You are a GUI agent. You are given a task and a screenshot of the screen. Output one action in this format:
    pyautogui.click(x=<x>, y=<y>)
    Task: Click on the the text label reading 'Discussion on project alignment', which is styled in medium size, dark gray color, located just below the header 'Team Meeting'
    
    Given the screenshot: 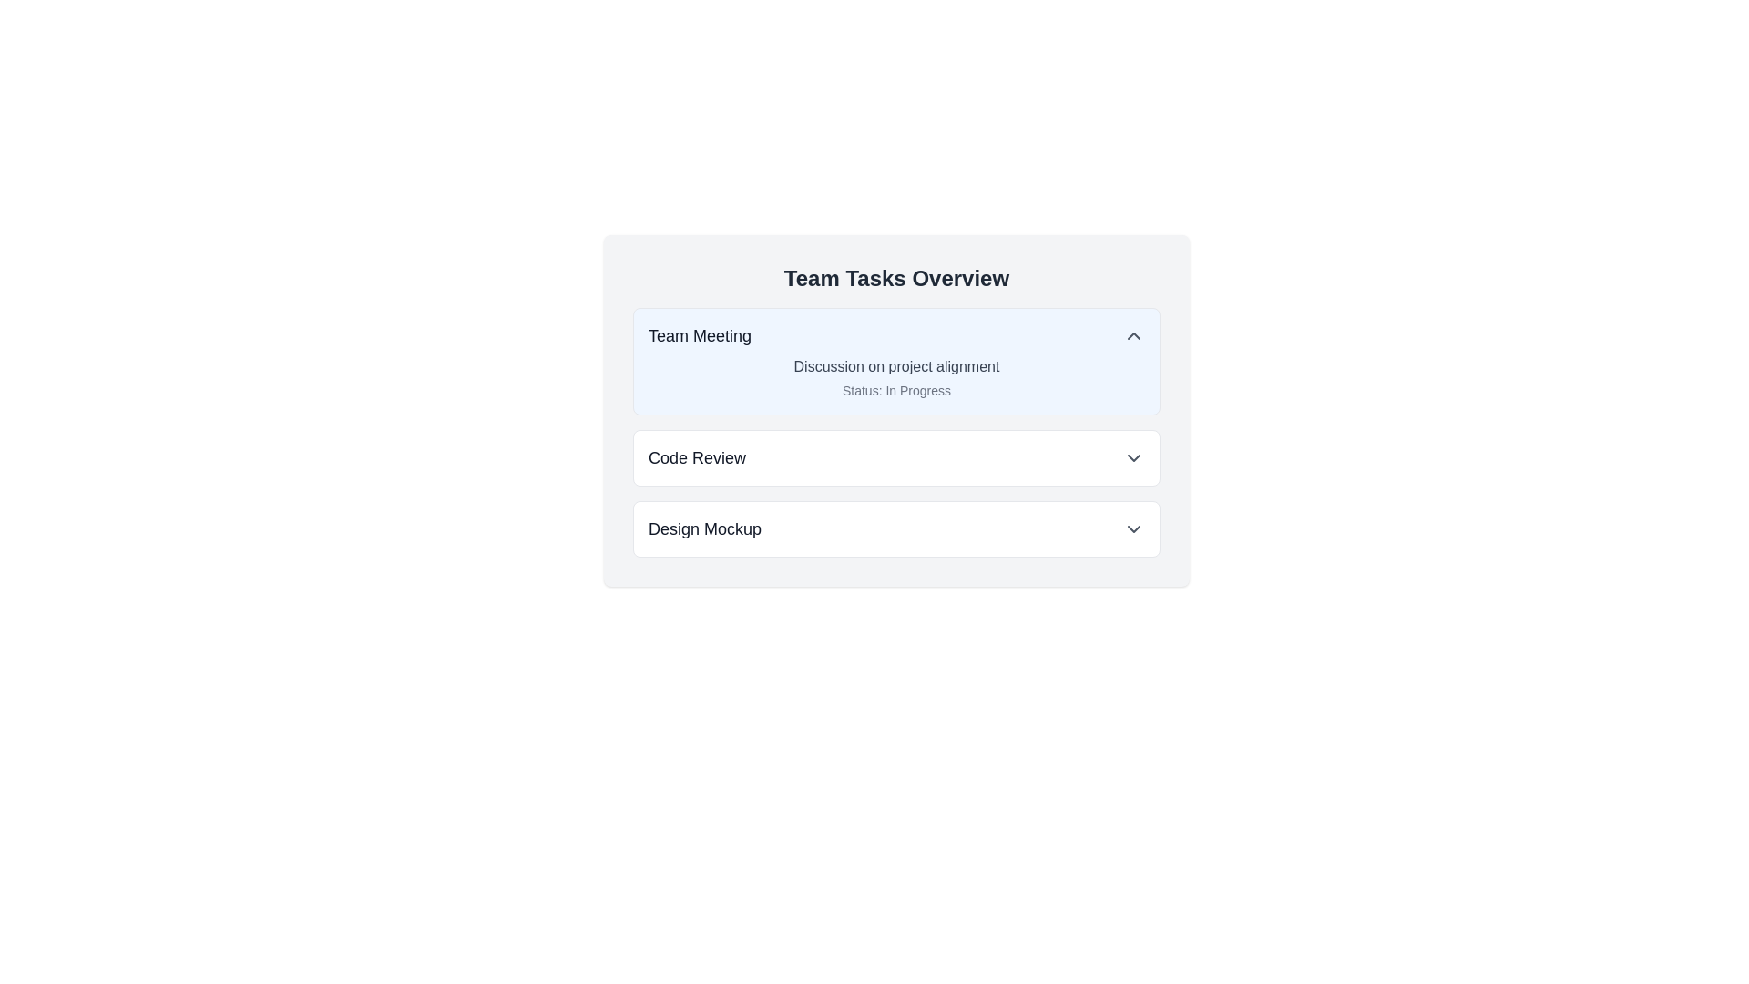 What is the action you would take?
    pyautogui.click(x=896, y=366)
    